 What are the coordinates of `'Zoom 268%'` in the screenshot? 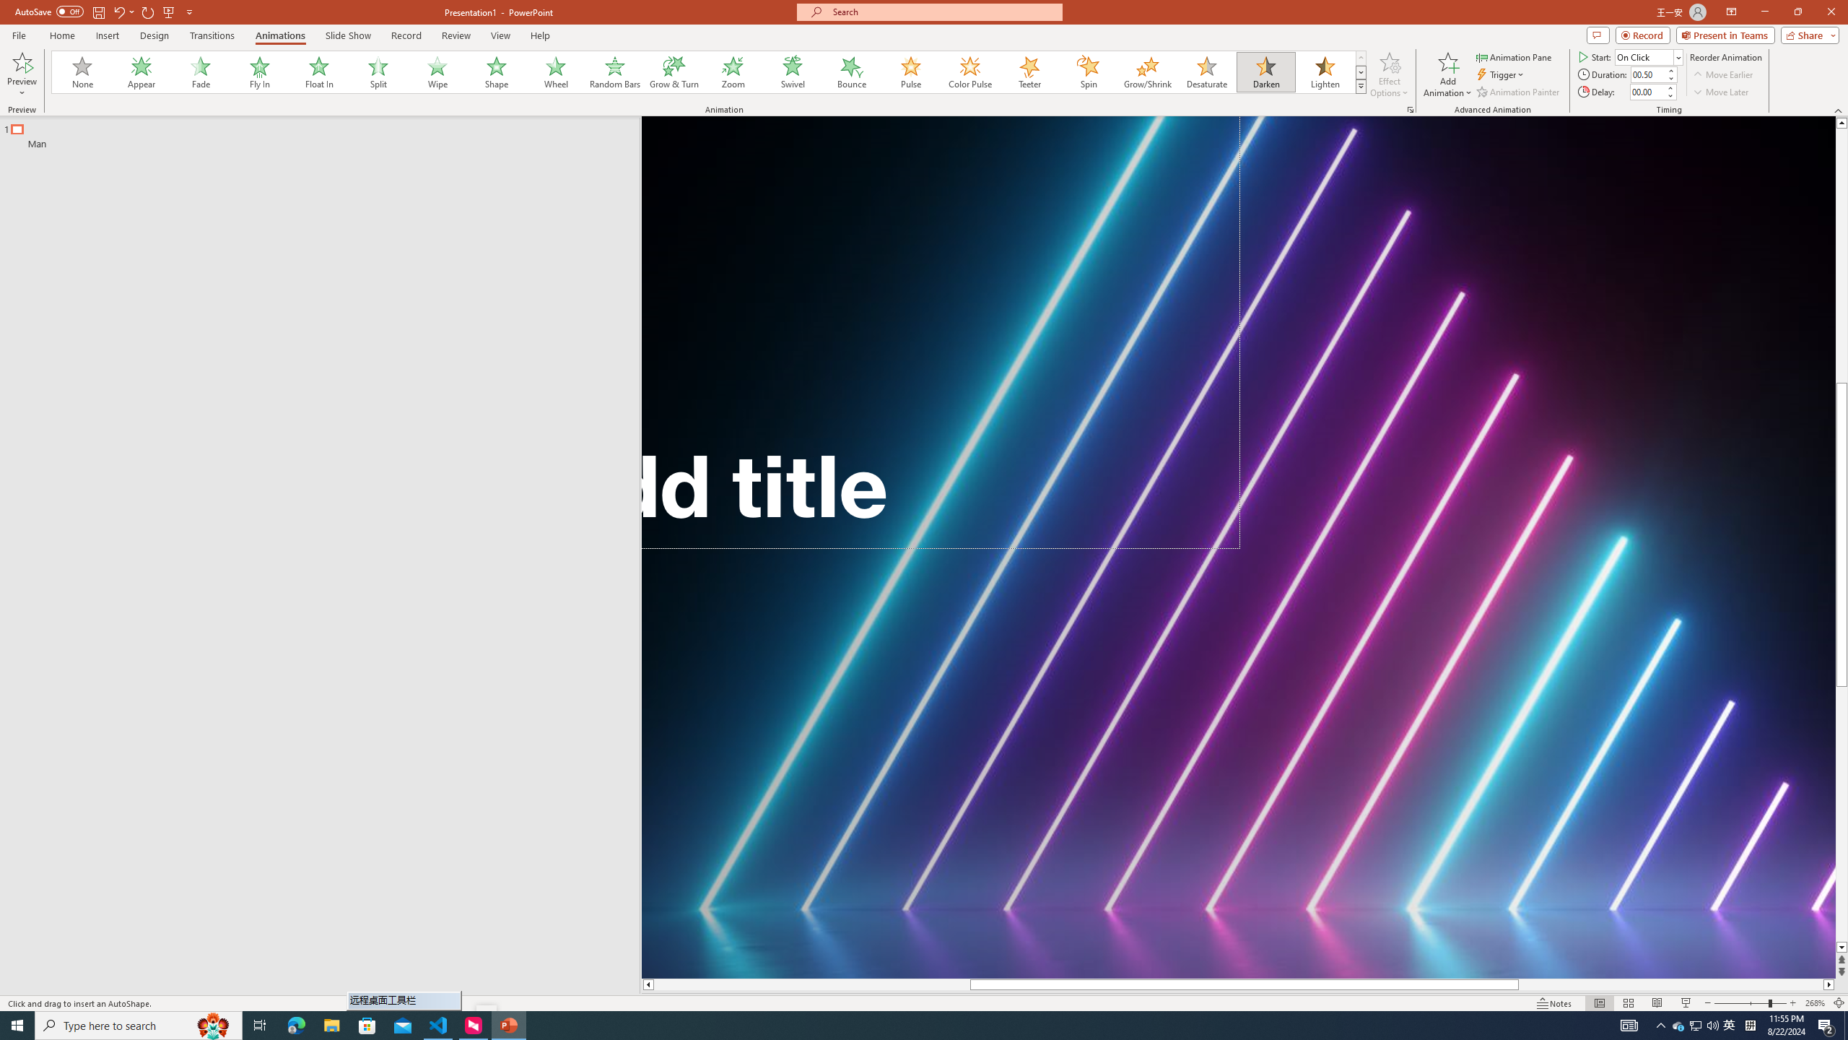 It's located at (1816, 1003).